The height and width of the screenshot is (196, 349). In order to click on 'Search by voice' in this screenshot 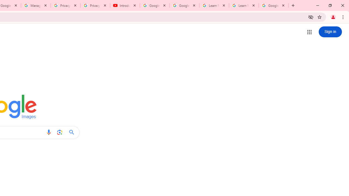, I will do `click(49, 132)`.